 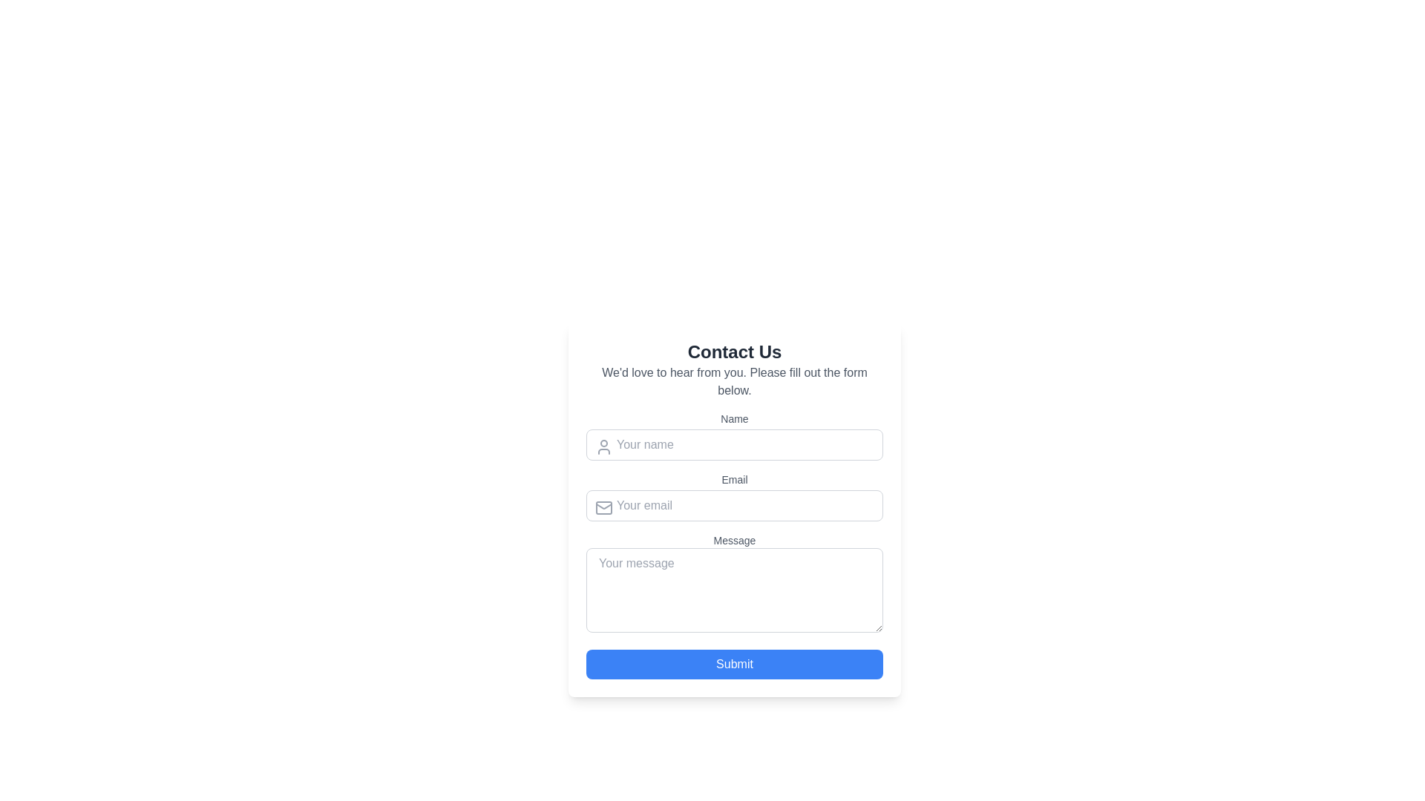 I want to click on the 'Submit' button, which is a rectangular button with rounded corners, a vivid blue background, and white text reading 'Submit', located at the bottom of the form layout, so click(x=734, y=663).